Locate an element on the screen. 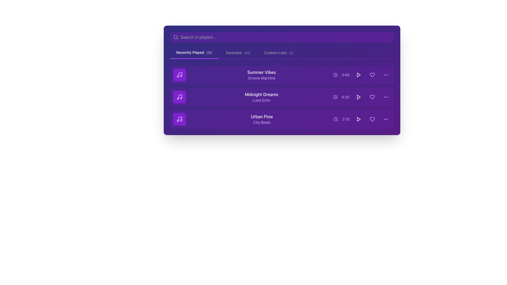  the clock icon with a purple hue located beside the time text '3:45' for the song 'Summer Vibes' to obtain context is located at coordinates (335, 75).